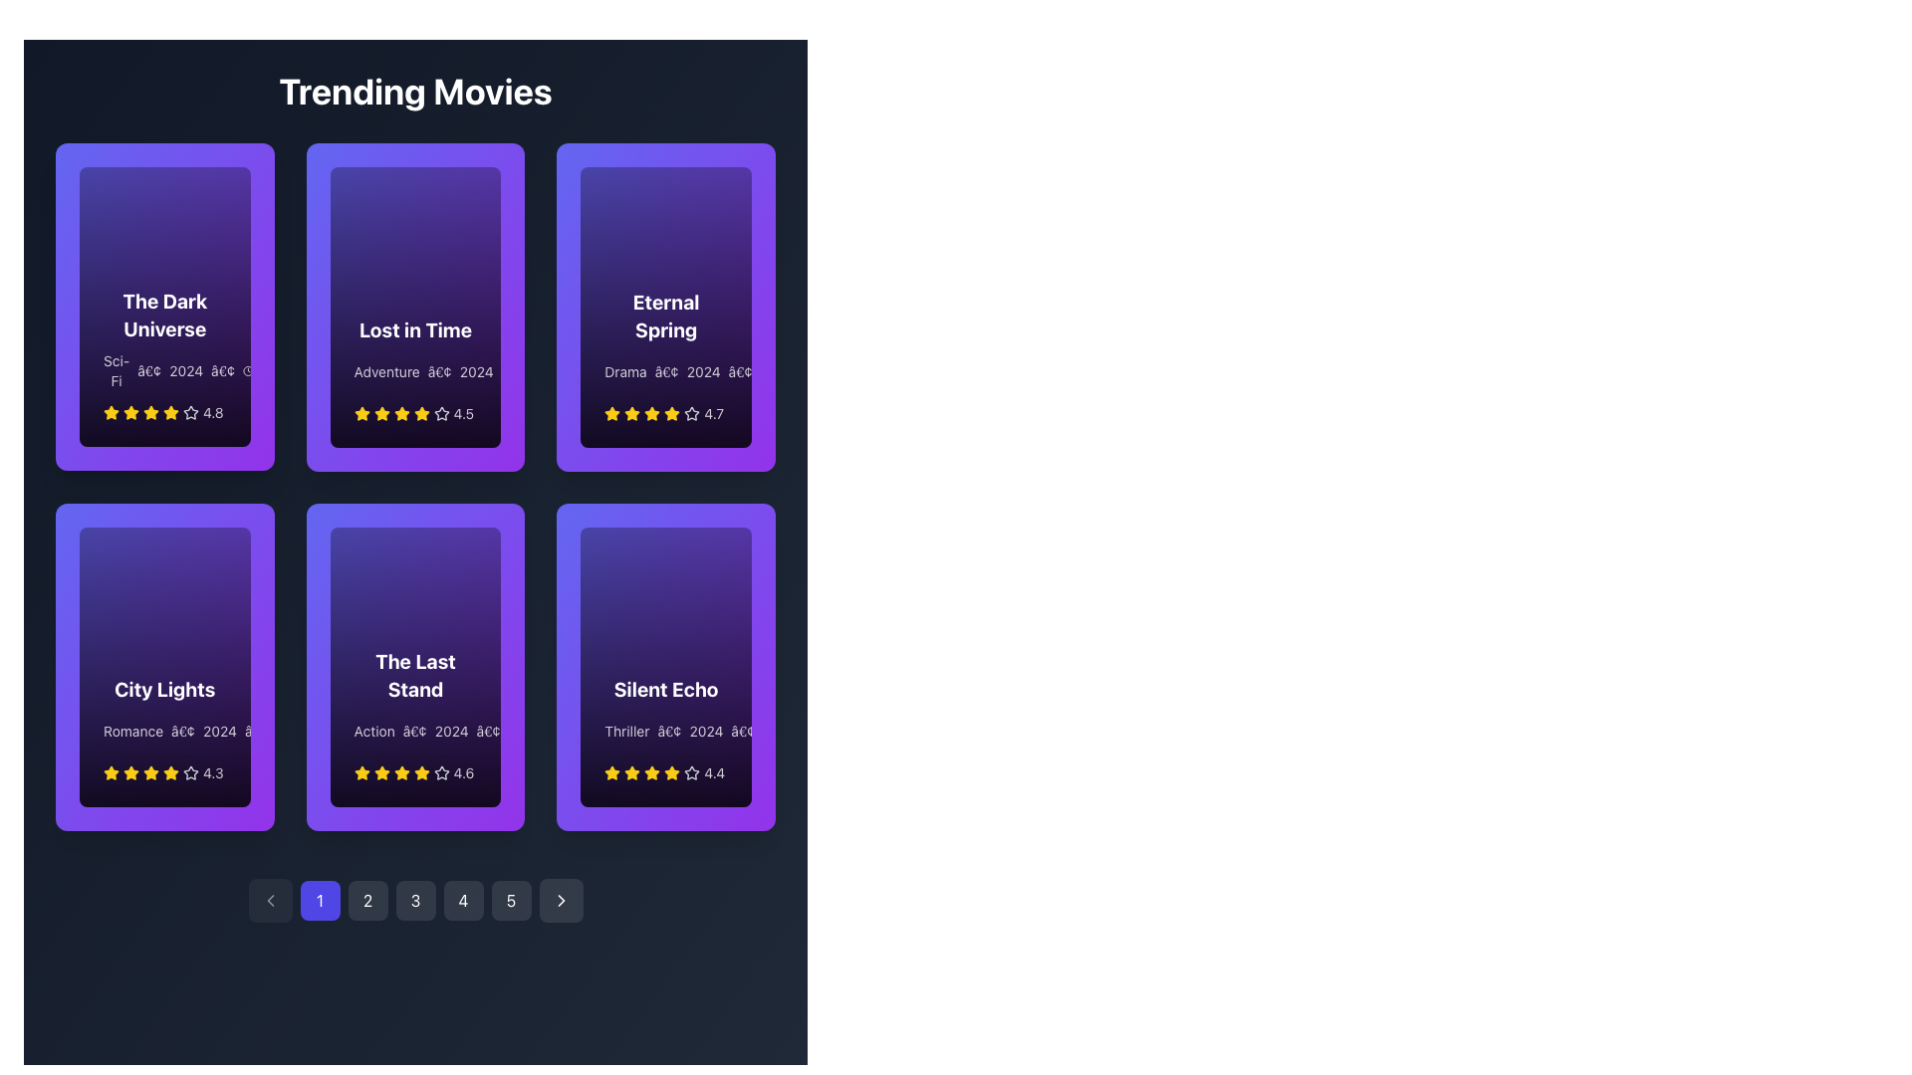 This screenshot has width=1912, height=1075. I want to click on the fourth yellow star icon in the rating system of the 'Lost in Time' movie card, so click(400, 412).